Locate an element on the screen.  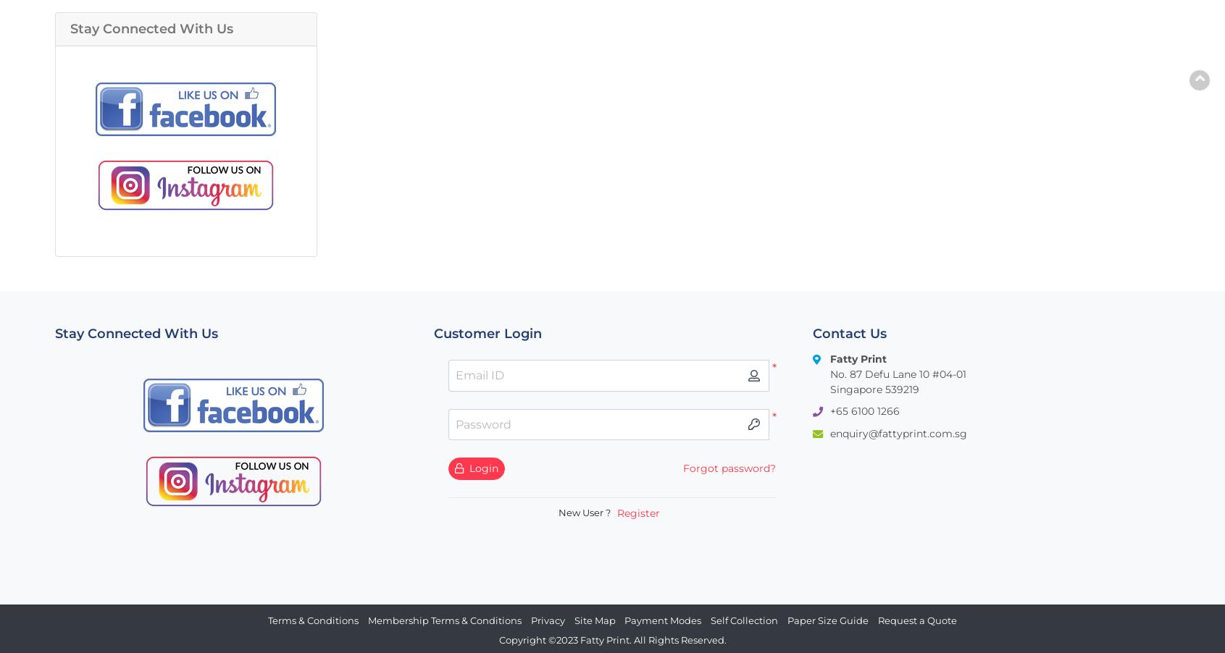
'Self Collection' is located at coordinates (709, 619).